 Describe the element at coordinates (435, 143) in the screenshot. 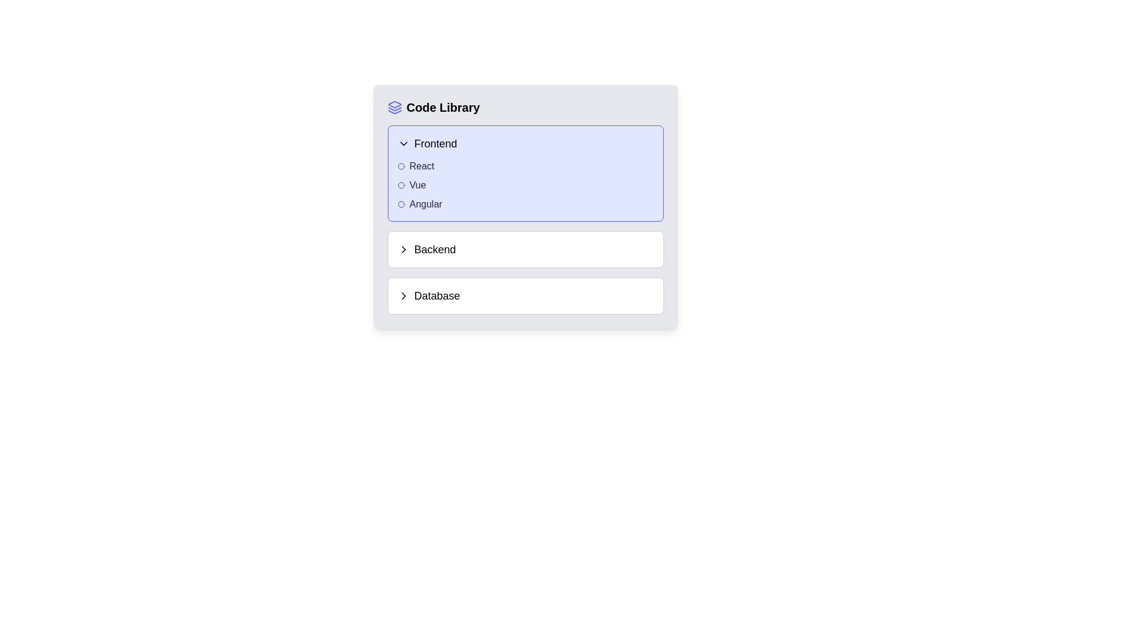

I see `the Text Label that serves as the title for the collapsible section labeled 'Frontend' within the 'Code Library' dropdown` at that location.